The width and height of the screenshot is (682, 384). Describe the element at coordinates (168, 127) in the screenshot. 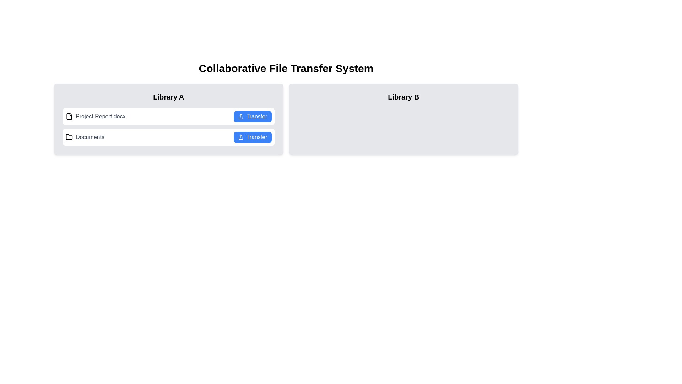

I see `the file item` at that location.